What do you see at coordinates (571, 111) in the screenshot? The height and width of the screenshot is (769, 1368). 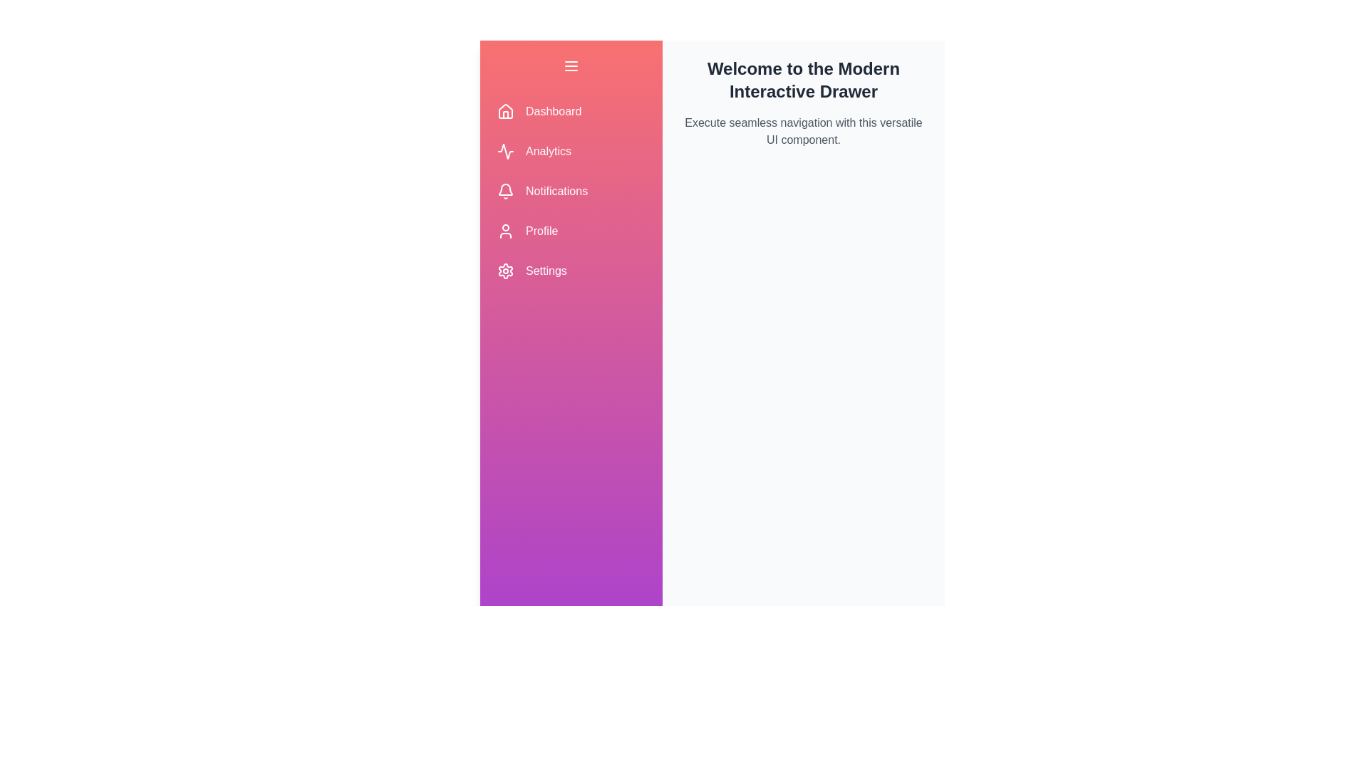 I see `the navigation item labeled Dashboard` at bounding box center [571, 111].